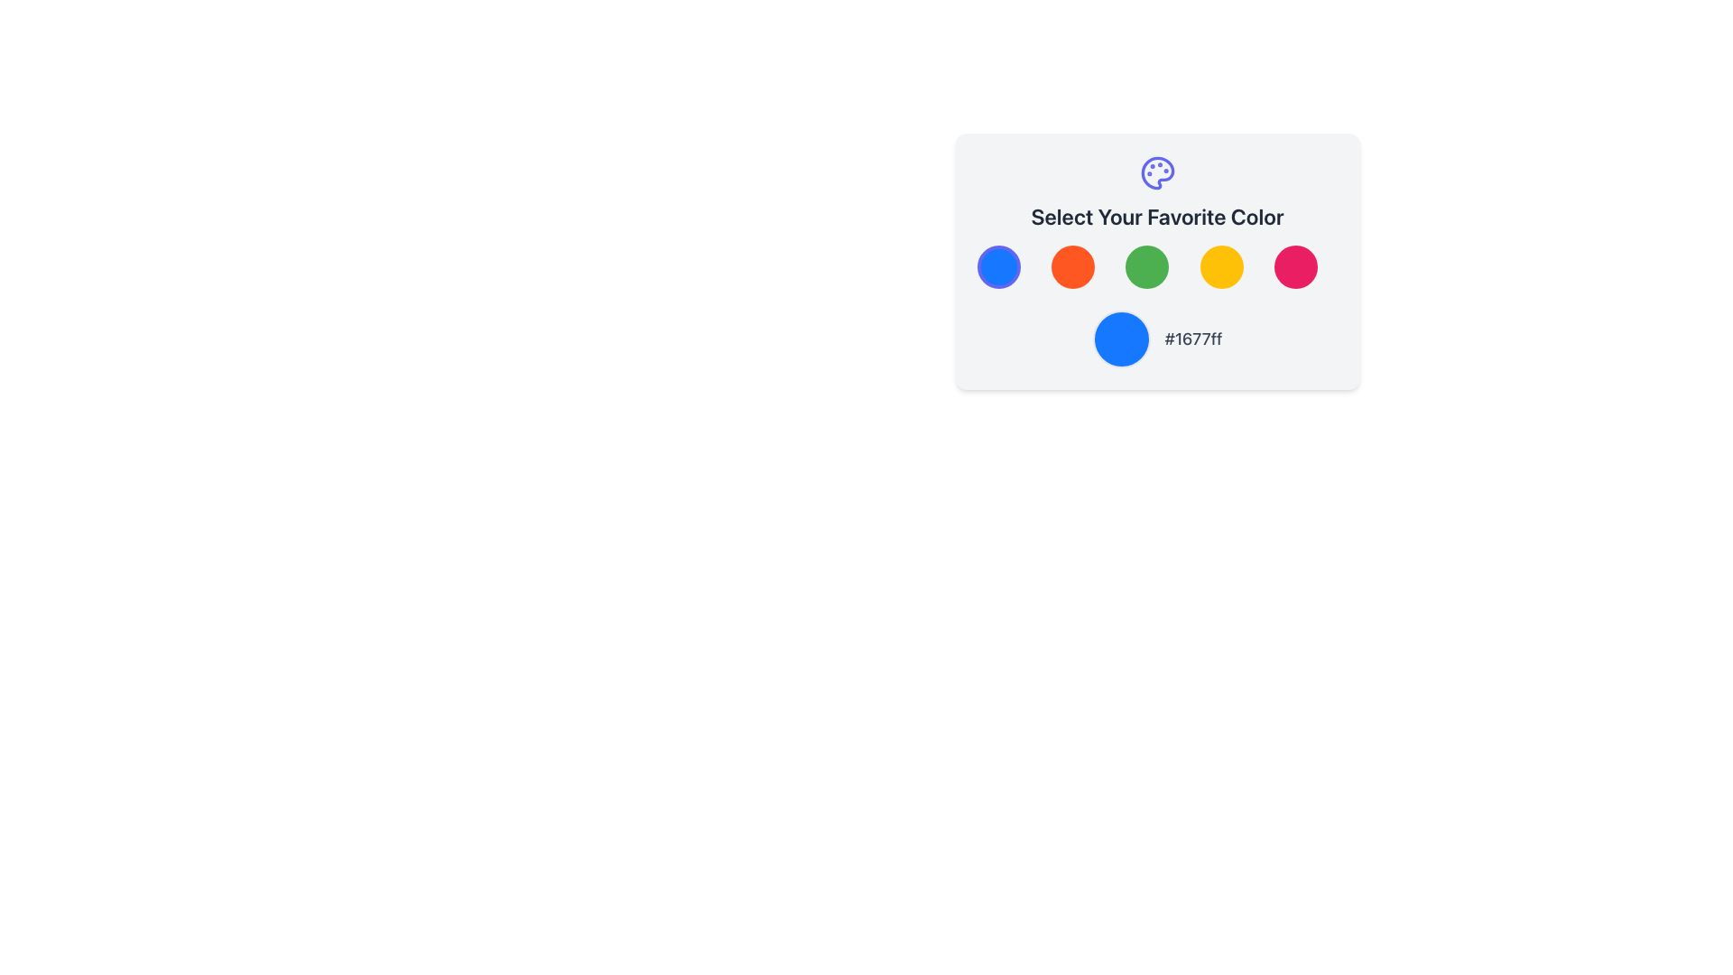  What do you see at coordinates (1157, 173) in the screenshot?
I see `the stylized blue palette icon at the top of the card, which is centered above the 'Select Your Favorite Color' text` at bounding box center [1157, 173].